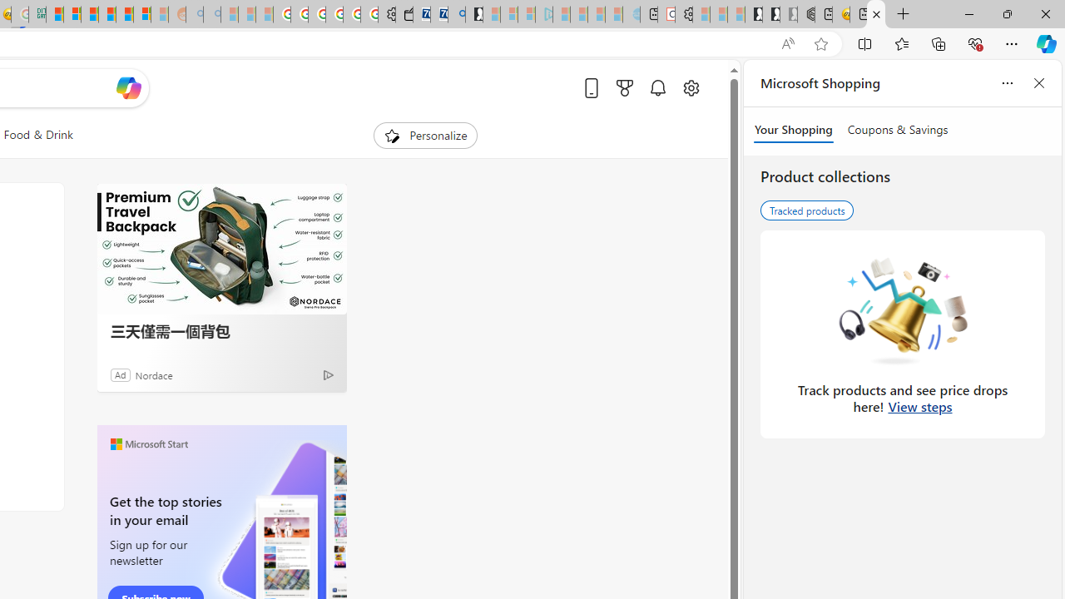 The height and width of the screenshot is (599, 1065). I want to click on 'Microsoft rewards', so click(623, 87).